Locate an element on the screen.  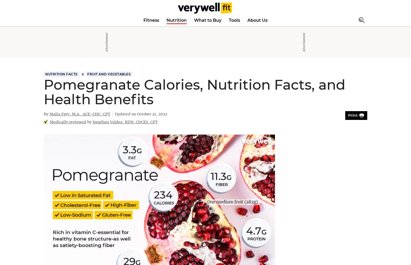
'Updated on October 31, 2022' is located at coordinates (141, 114).